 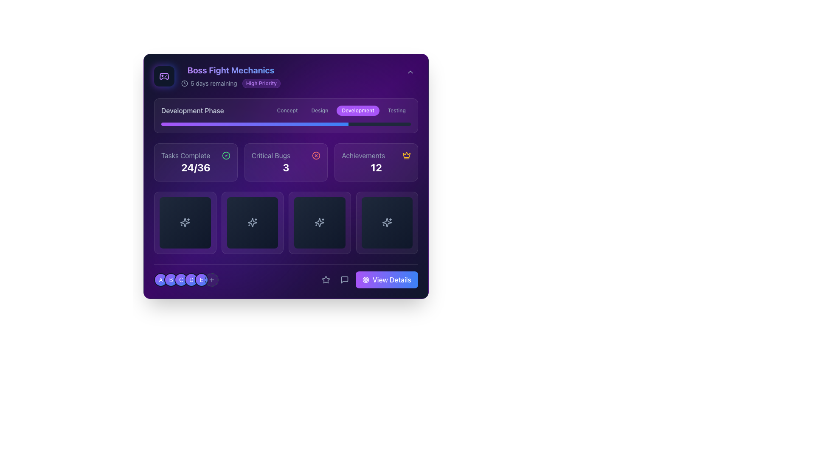 What do you see at coordinates (230, 70) in the screenshot?
I see `the text content of the prominent gradient text label displaying 'Boss Fight Mechanics', located at the top-left corner of the UI` at bounding box center [230, 70].